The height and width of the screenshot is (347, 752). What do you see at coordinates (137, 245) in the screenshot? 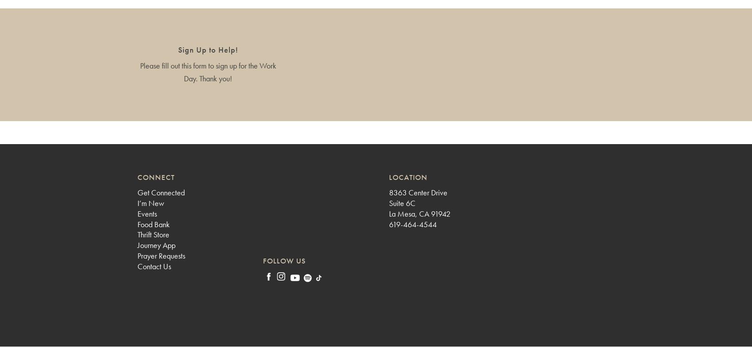
I see `'Journey App'` at bounding box center [137, 245].